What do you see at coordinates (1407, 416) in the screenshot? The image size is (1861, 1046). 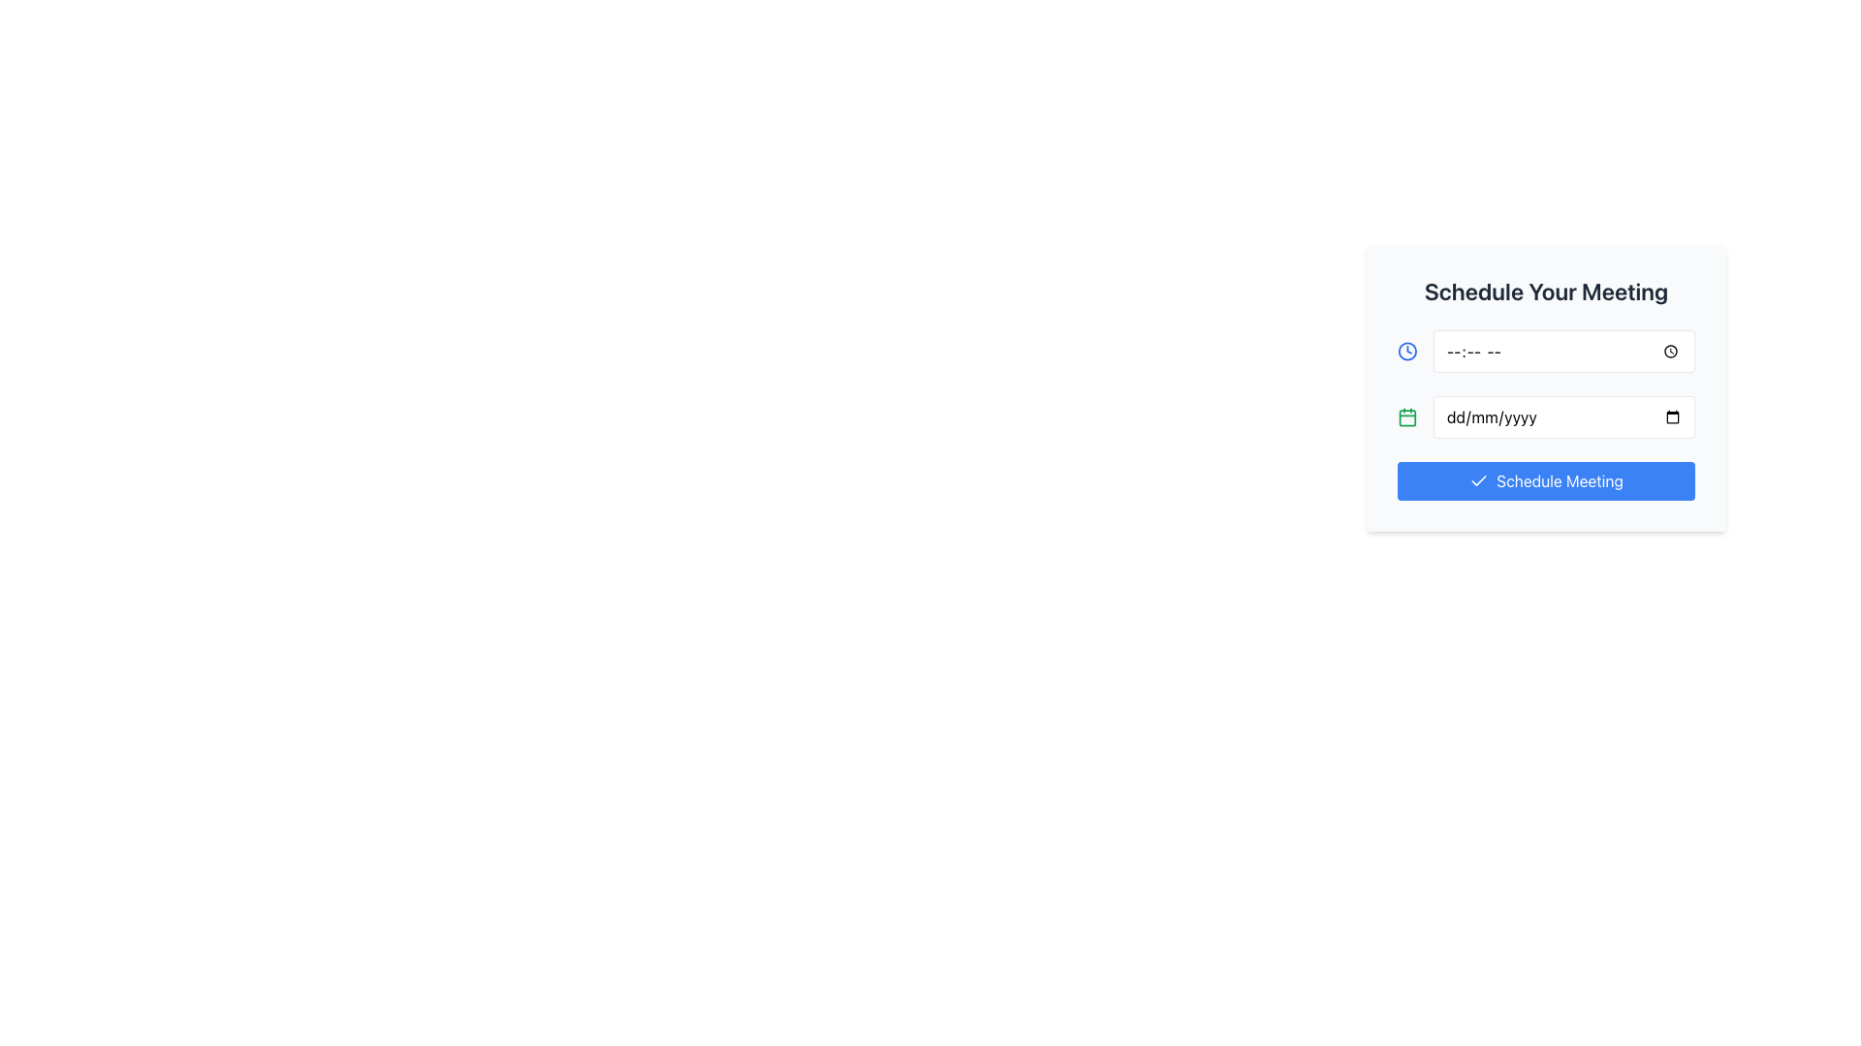 I see `the decorative rectangle within the calendar icon that represents the date picker in the meeting scheduling interface` at bounding box center [1407, 416].